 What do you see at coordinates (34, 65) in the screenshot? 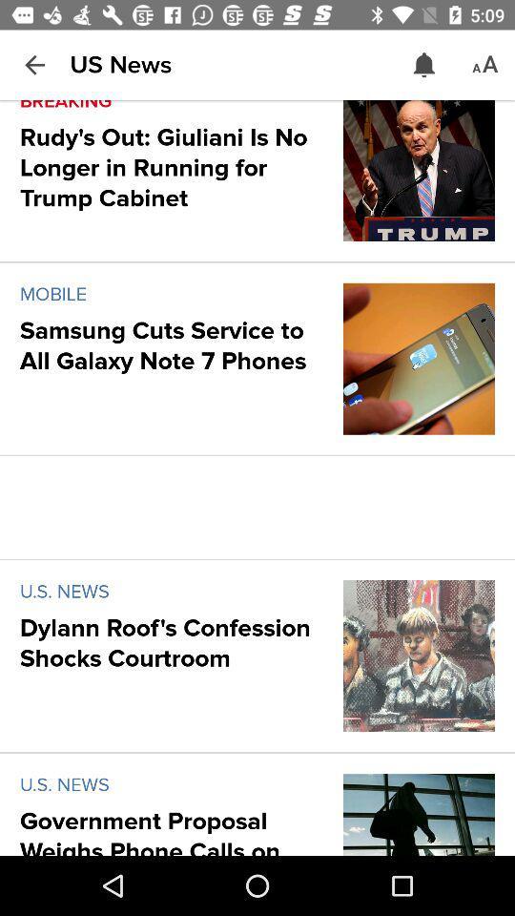
I see `the icon next to the us news icon` at bounding box center [34, 65].